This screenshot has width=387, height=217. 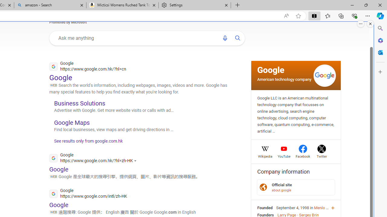 What do you see at coordinates (370, 24) in the screenshot?
I see `'Close split screen.'` at bounding box center [370, 24].